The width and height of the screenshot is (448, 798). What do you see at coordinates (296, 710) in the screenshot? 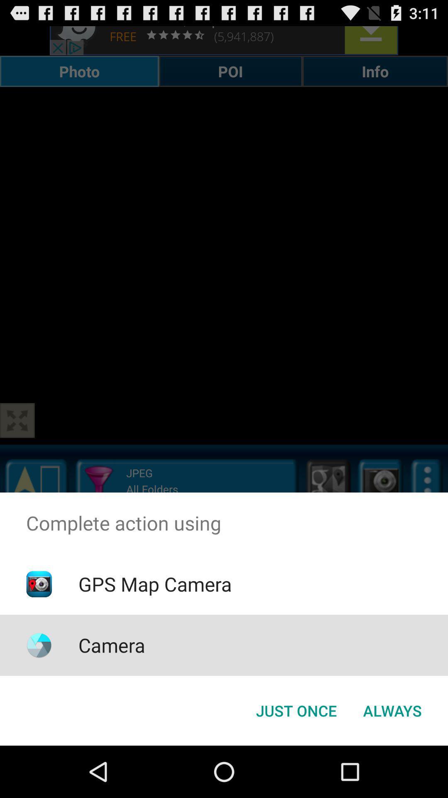
I see `button next to the always item` at bounding box center [296, 710].